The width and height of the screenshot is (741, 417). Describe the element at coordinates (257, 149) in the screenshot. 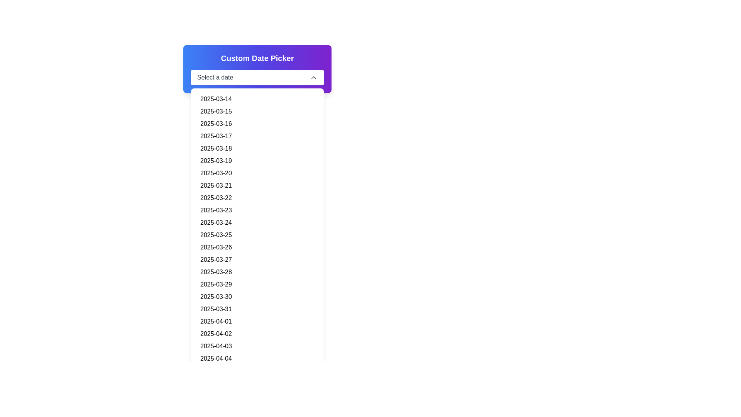

I see `the fifth date entry button in the dropdown menu` at that location.